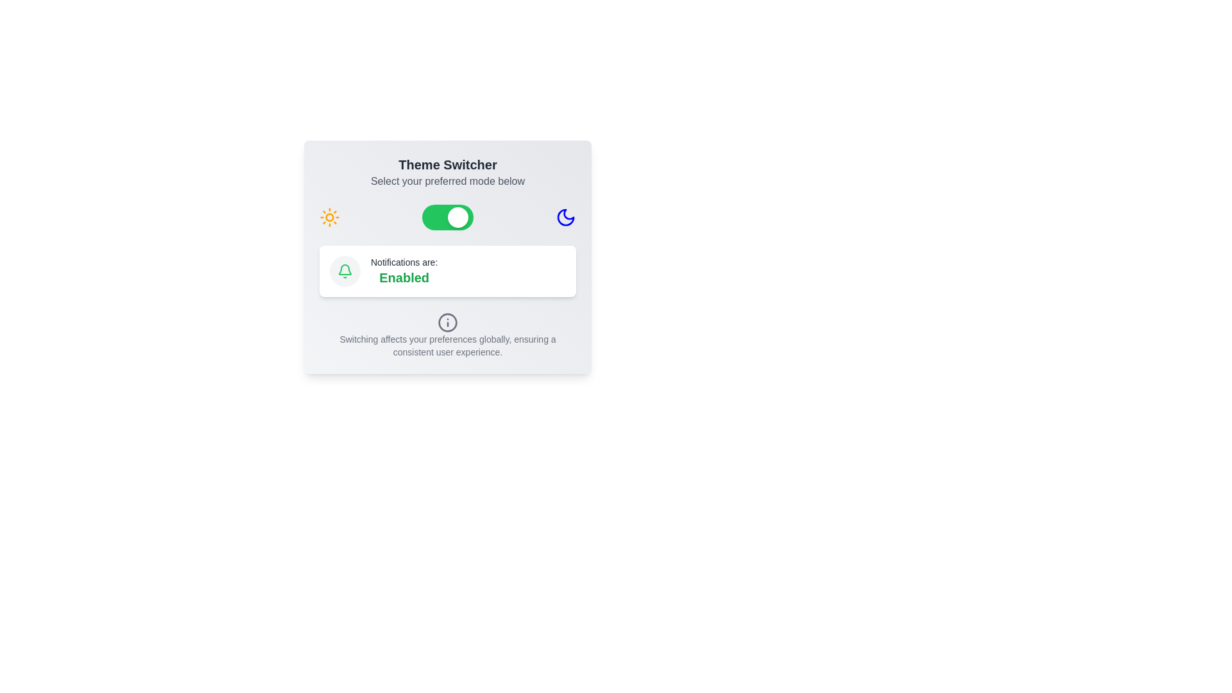 Image resolution: width=1232 pixels, height=693 pixels. I want to click on text label that indicates the current state of notifications, which shows 'Enabled' suggesting that notifications are active, so click(404, 271).